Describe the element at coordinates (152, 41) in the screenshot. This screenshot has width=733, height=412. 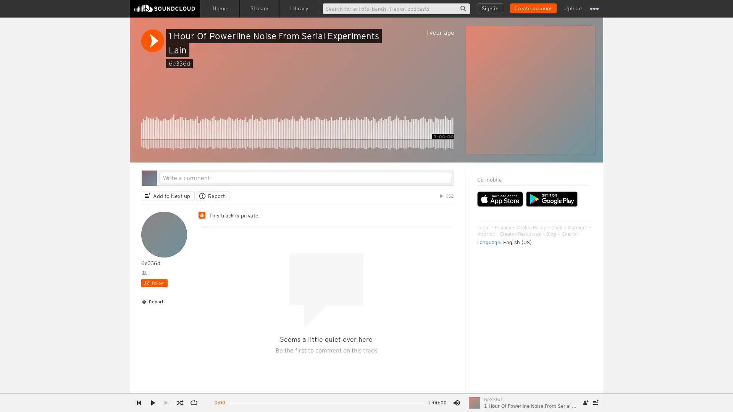
I see `Play` at that location.